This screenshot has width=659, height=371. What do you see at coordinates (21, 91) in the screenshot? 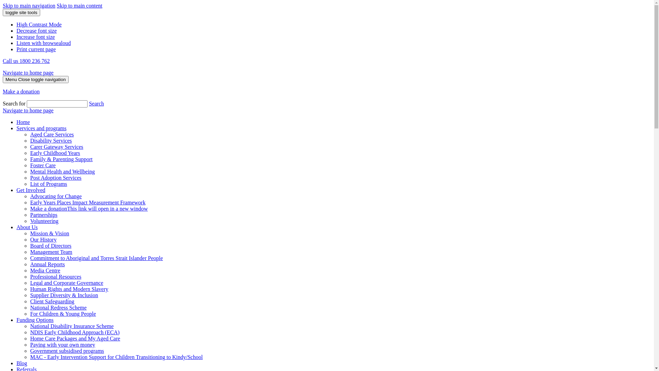
I see `'Make a donation'` at bounding box center [21, 91].